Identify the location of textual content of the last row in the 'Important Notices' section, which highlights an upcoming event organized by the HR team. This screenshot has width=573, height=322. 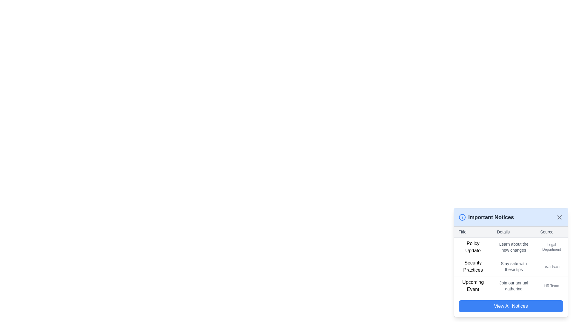
(511, 285).